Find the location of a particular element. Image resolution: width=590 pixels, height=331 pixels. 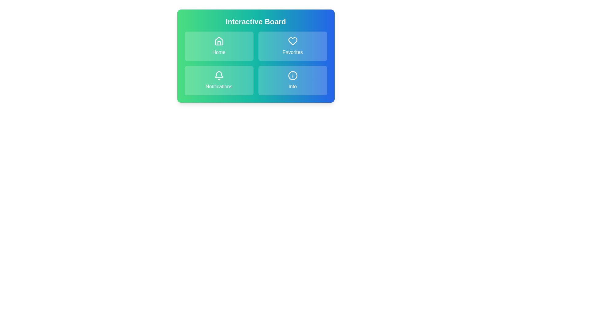

the 'Favorites' text label element, which is styled in white and centrally aligned below a heart icon in the second section of the top row of a grid layout is located at coordinates (292, 52).